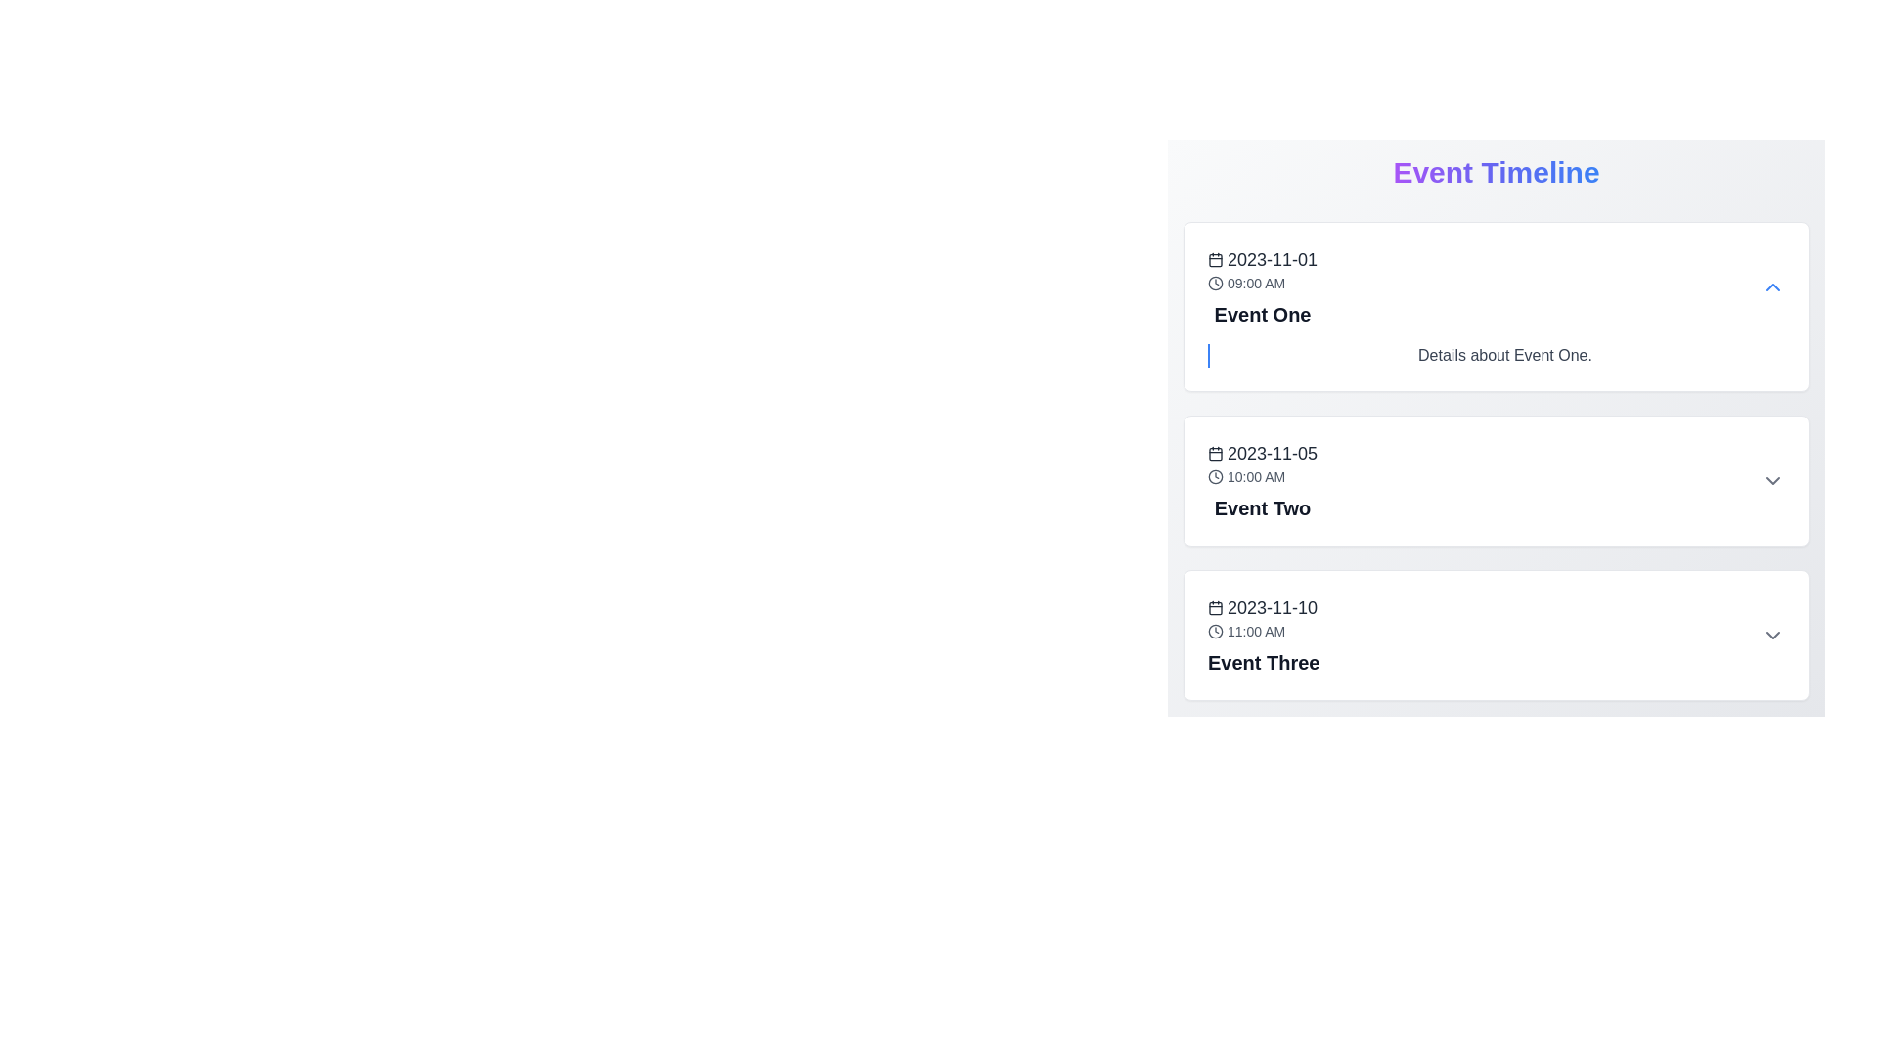 This screenshot has height=1056, width=1878. What do you see at coordinates (1496, 636) in the screenshot?
I see `the third event card` at bounding box center [1496, 636].